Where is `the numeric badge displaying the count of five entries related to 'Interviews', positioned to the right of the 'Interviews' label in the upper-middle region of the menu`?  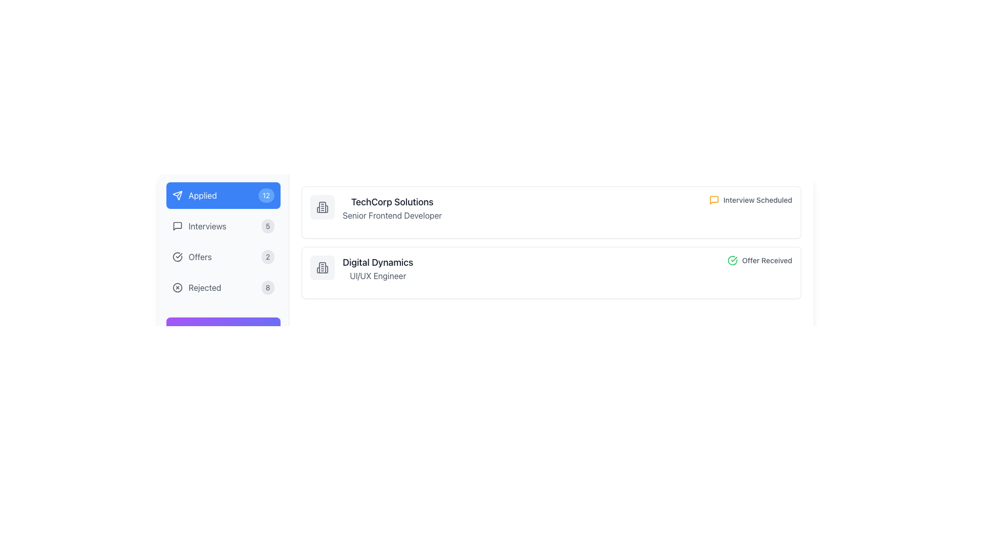
the numeric badge displaying the count of five entries related to 'Interviews', positioned to the right of the 'Interviews' label in the upper-middle region of the menu is located at coordinates (268, 226).